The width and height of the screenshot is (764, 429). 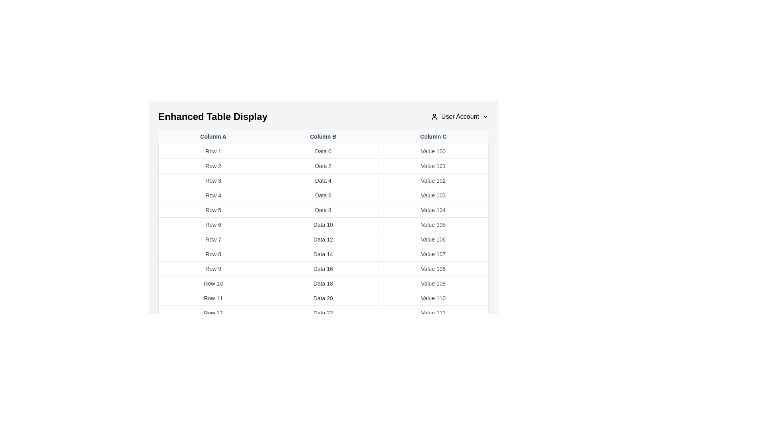 I want to click on the column header Column B to sort or interact with the column, so click(x=323, y=136).